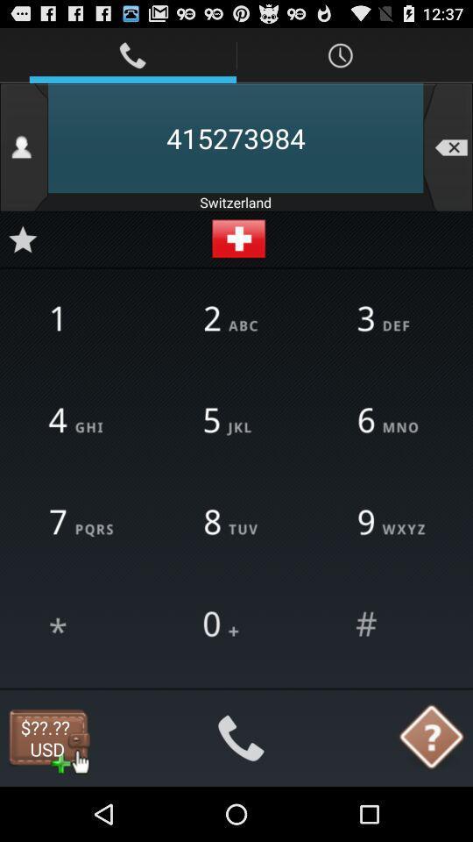  I want to click on star logo, so click(21, 239).